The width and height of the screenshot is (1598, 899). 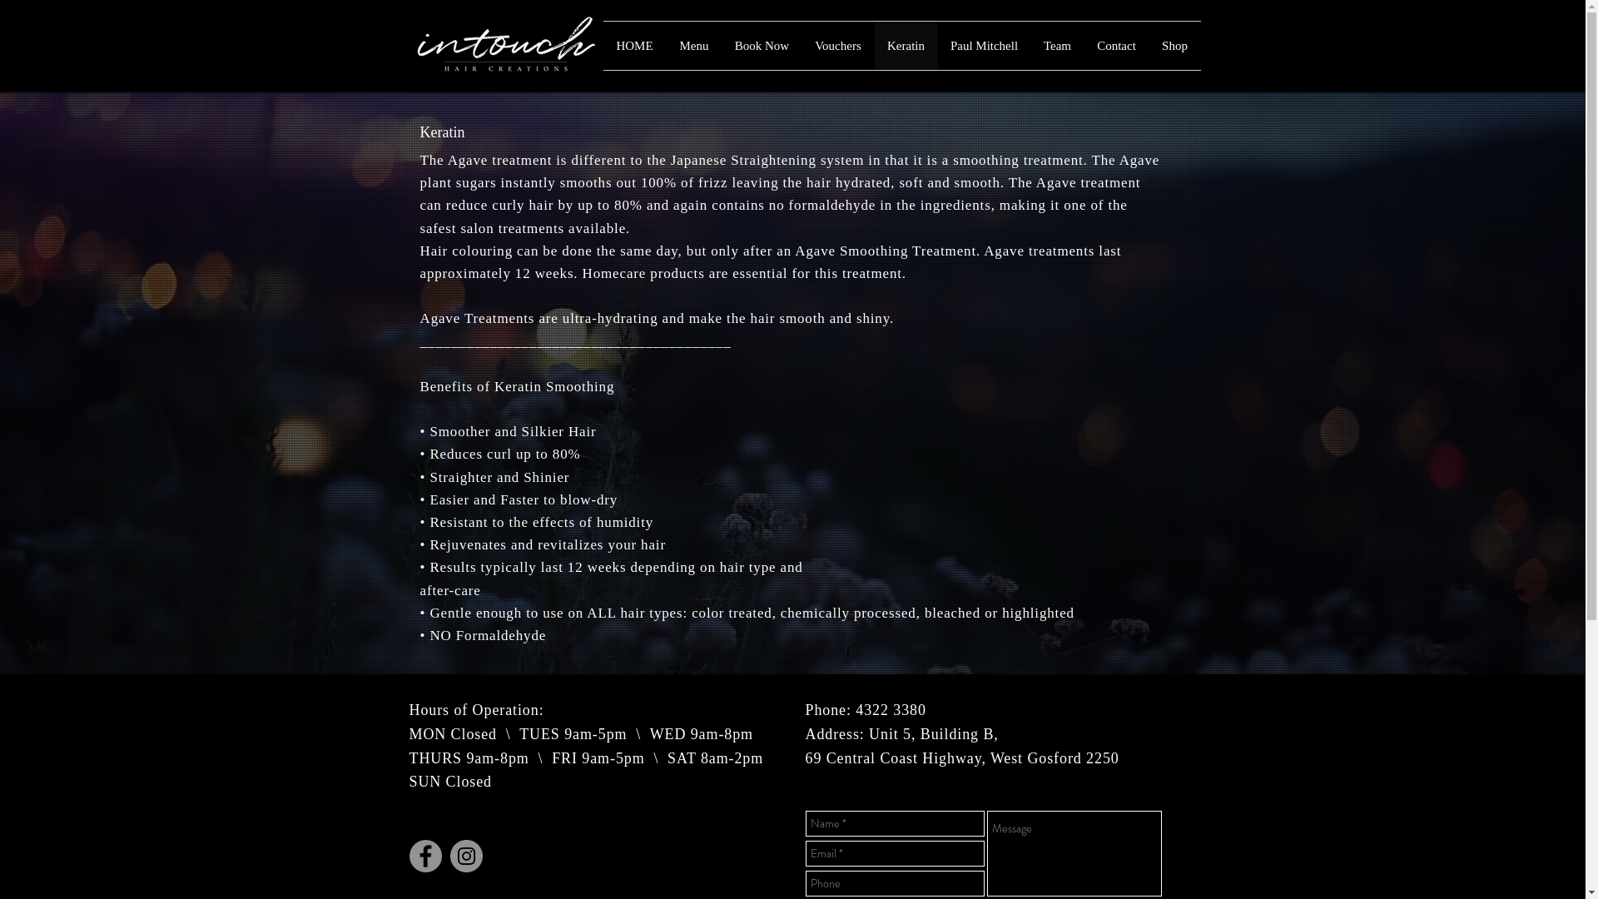 What do you see at coordinates (1083, 44) in the screenshot?
I see `'Contact'` at bounding box center [1083, 44].